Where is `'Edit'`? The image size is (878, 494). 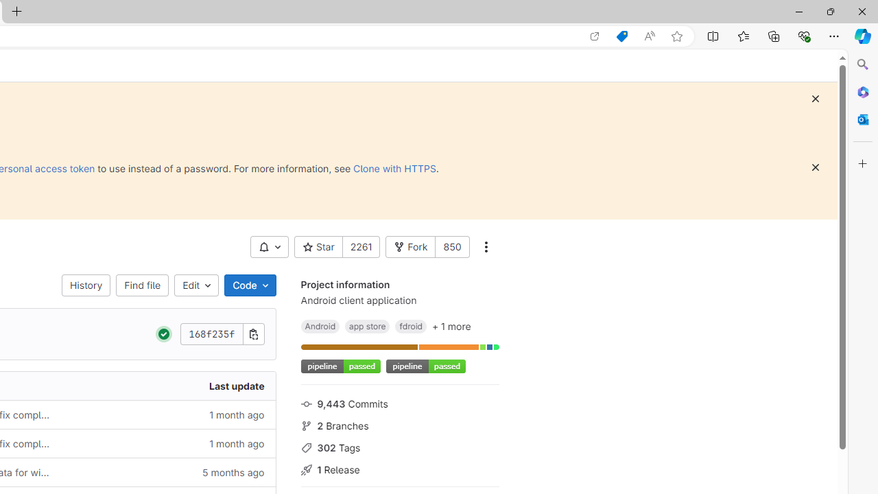
'Edit' is located at coordinates (195, 285).